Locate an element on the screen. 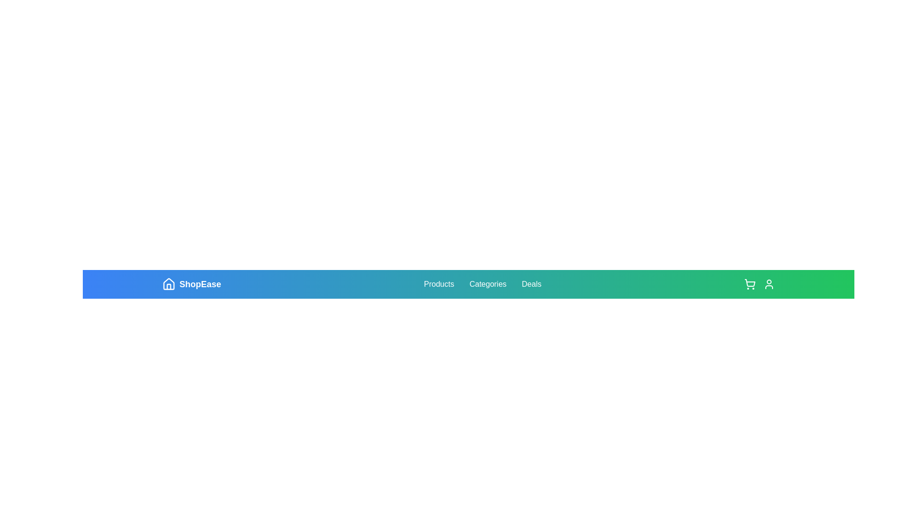 This screenshot has width=919, height=517. the hyperlink labeled 'Deals' in the navigation group is located at coordinates (531, 284).